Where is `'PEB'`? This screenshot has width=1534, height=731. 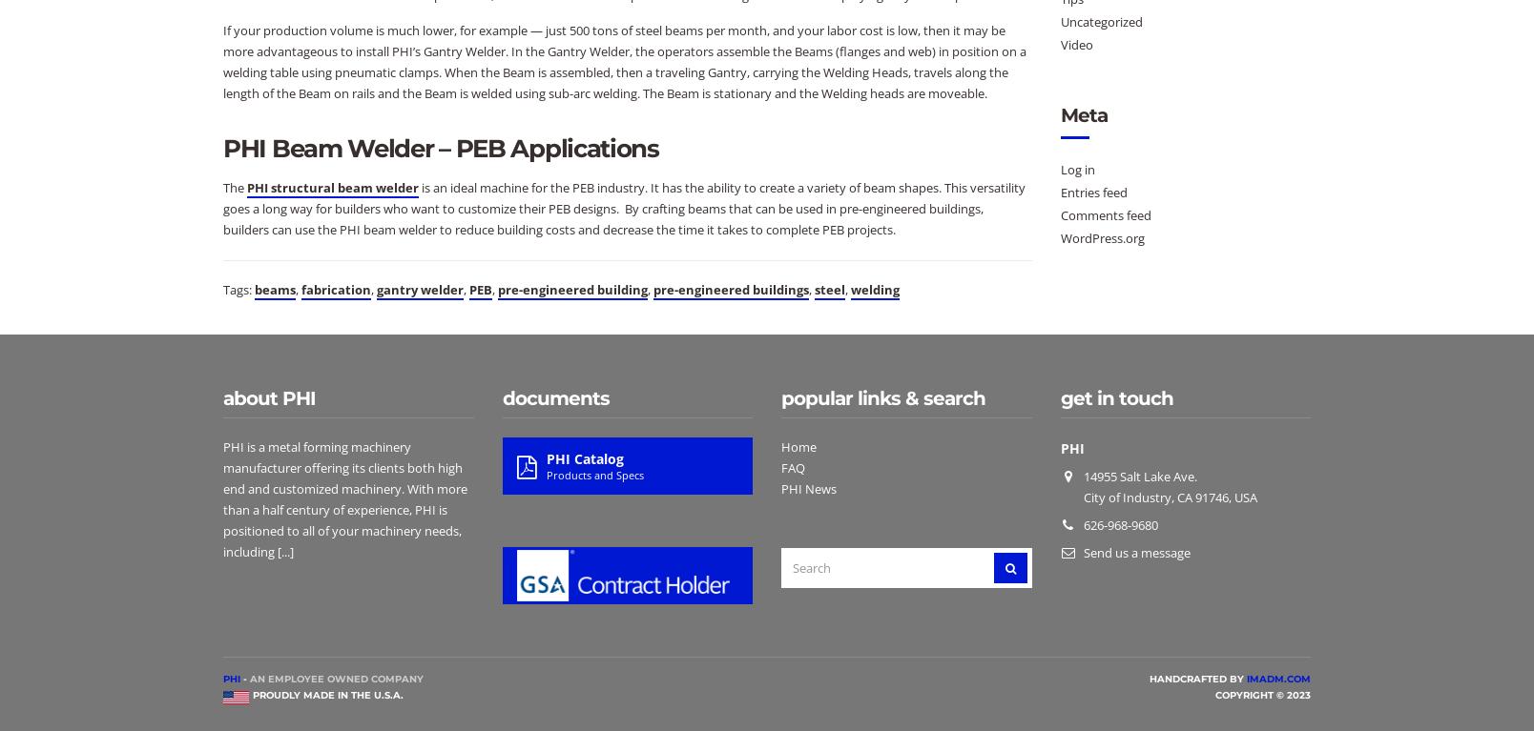 'PEB' is located at coordinates (480, 288).